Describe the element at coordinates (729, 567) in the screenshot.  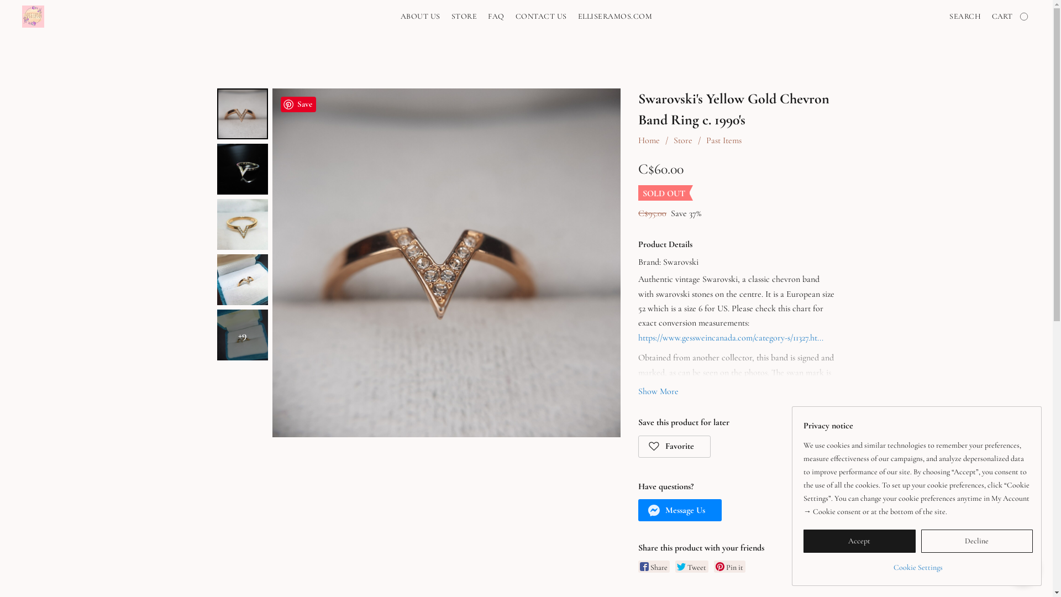
I see `'Pin it'` at that location.